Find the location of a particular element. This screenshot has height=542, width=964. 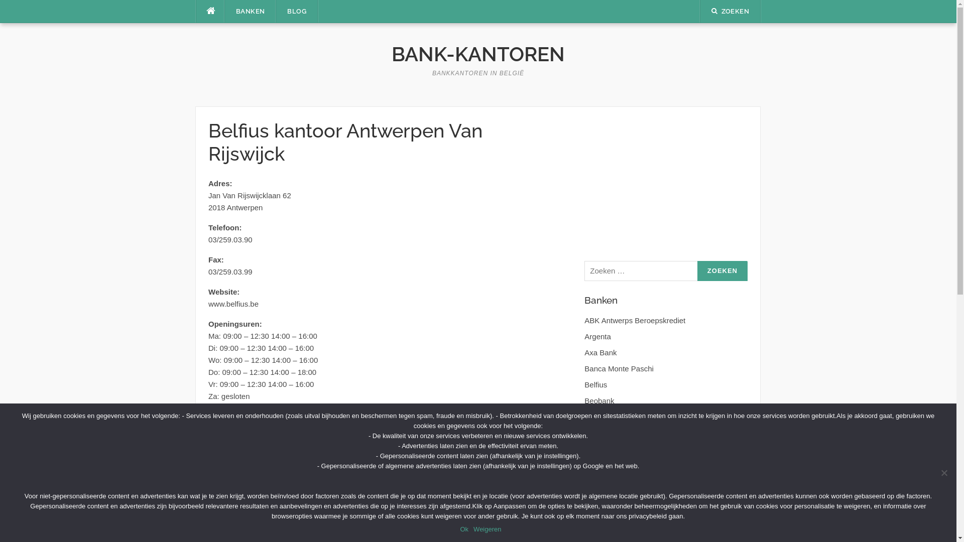

'Zoeken' is located at coordinates (722, 271).